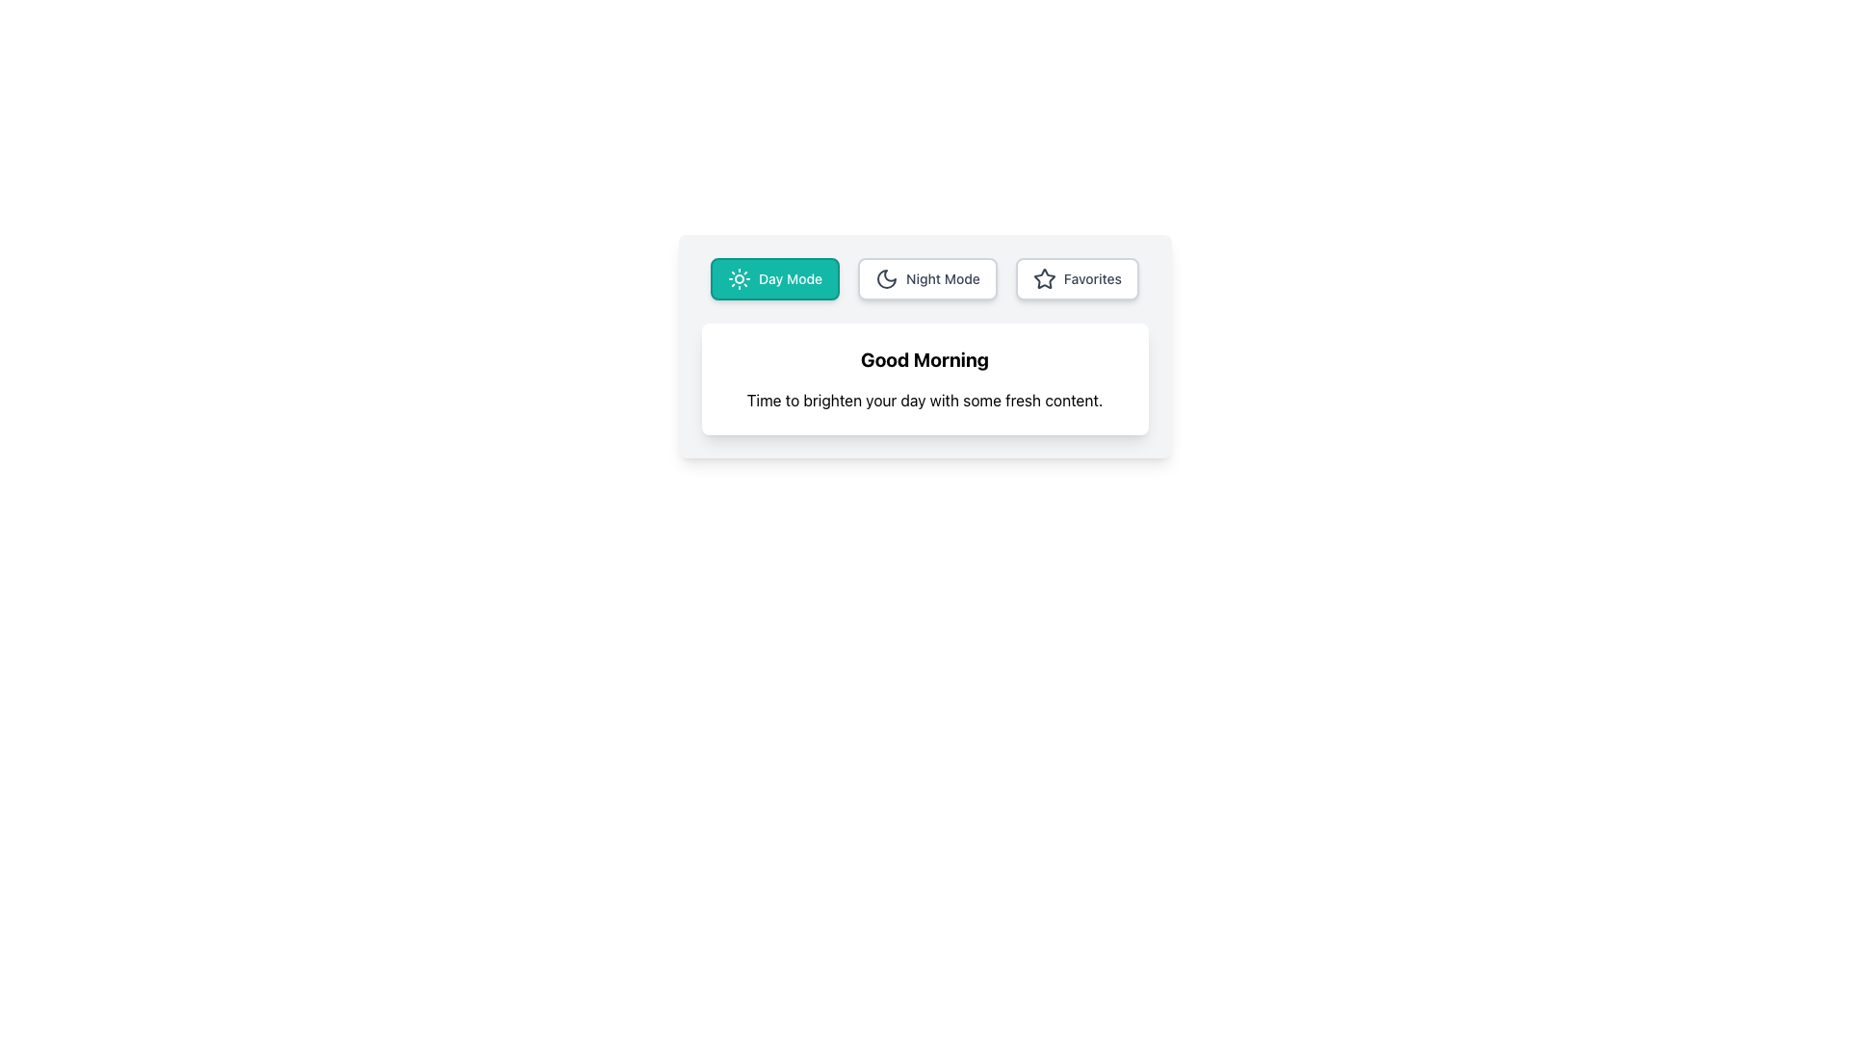 The image size is (1849, 1040). I want to click on the 'Favorites' button, which is the rightmost button among three, styled with a white background and gray text, so click(1076, 278).